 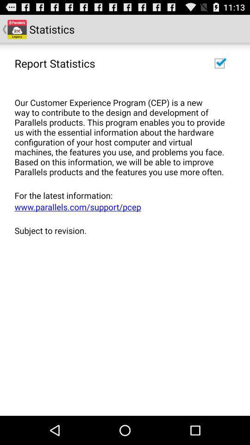 What do you see at coordinates (219, 63) in the screenshot?
I see `the item at the top right corner` at bounding box center [219, 63].